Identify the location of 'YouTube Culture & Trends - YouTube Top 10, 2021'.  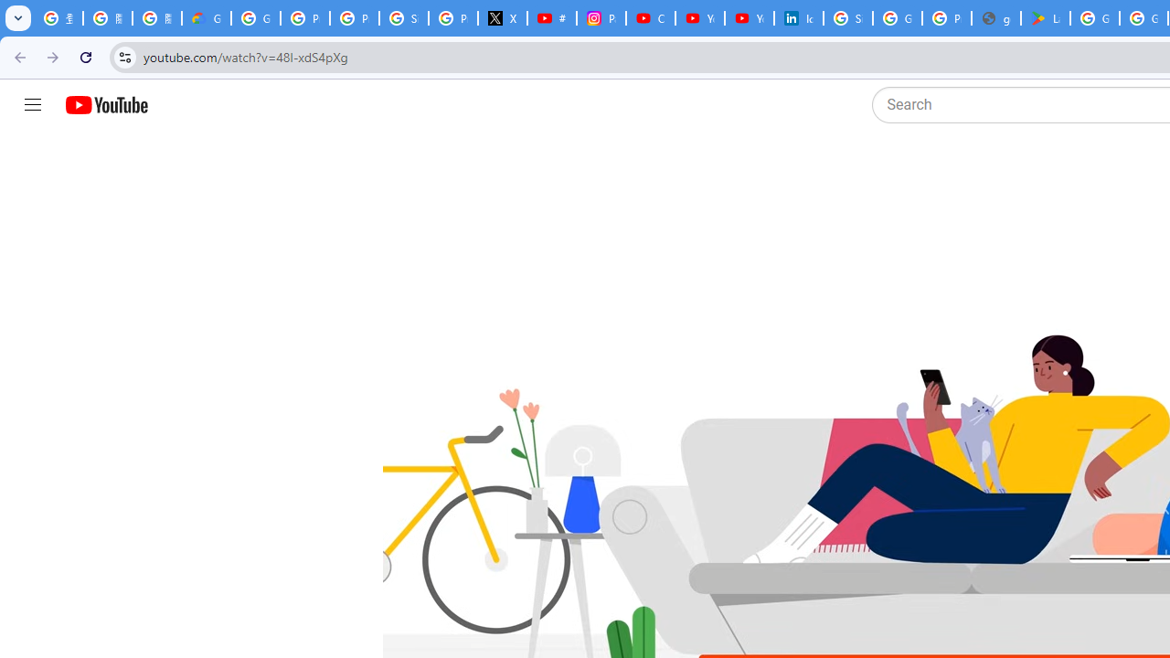
(749, 18).